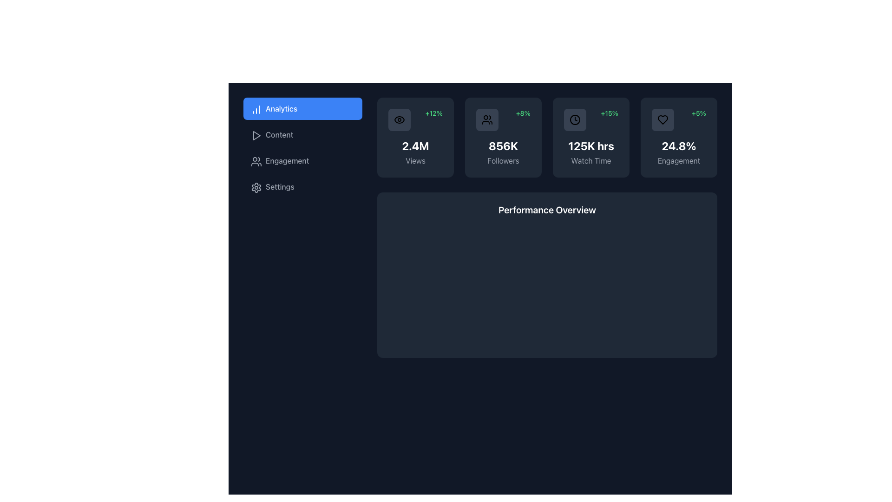  I want to click on the Eye representation icon, which is part of an SVG structure and positioned in the top section of the interface, aligned with text and numerical metrics, so click(399, 119).